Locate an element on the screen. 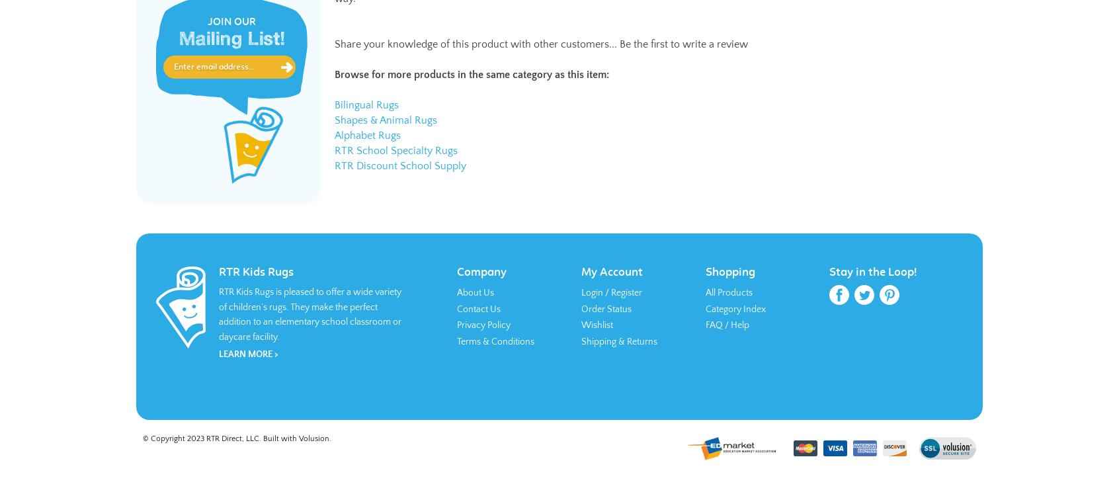 The width and height of the screenshot is (1119, 494). '/' is located at coordinates (607, 292).